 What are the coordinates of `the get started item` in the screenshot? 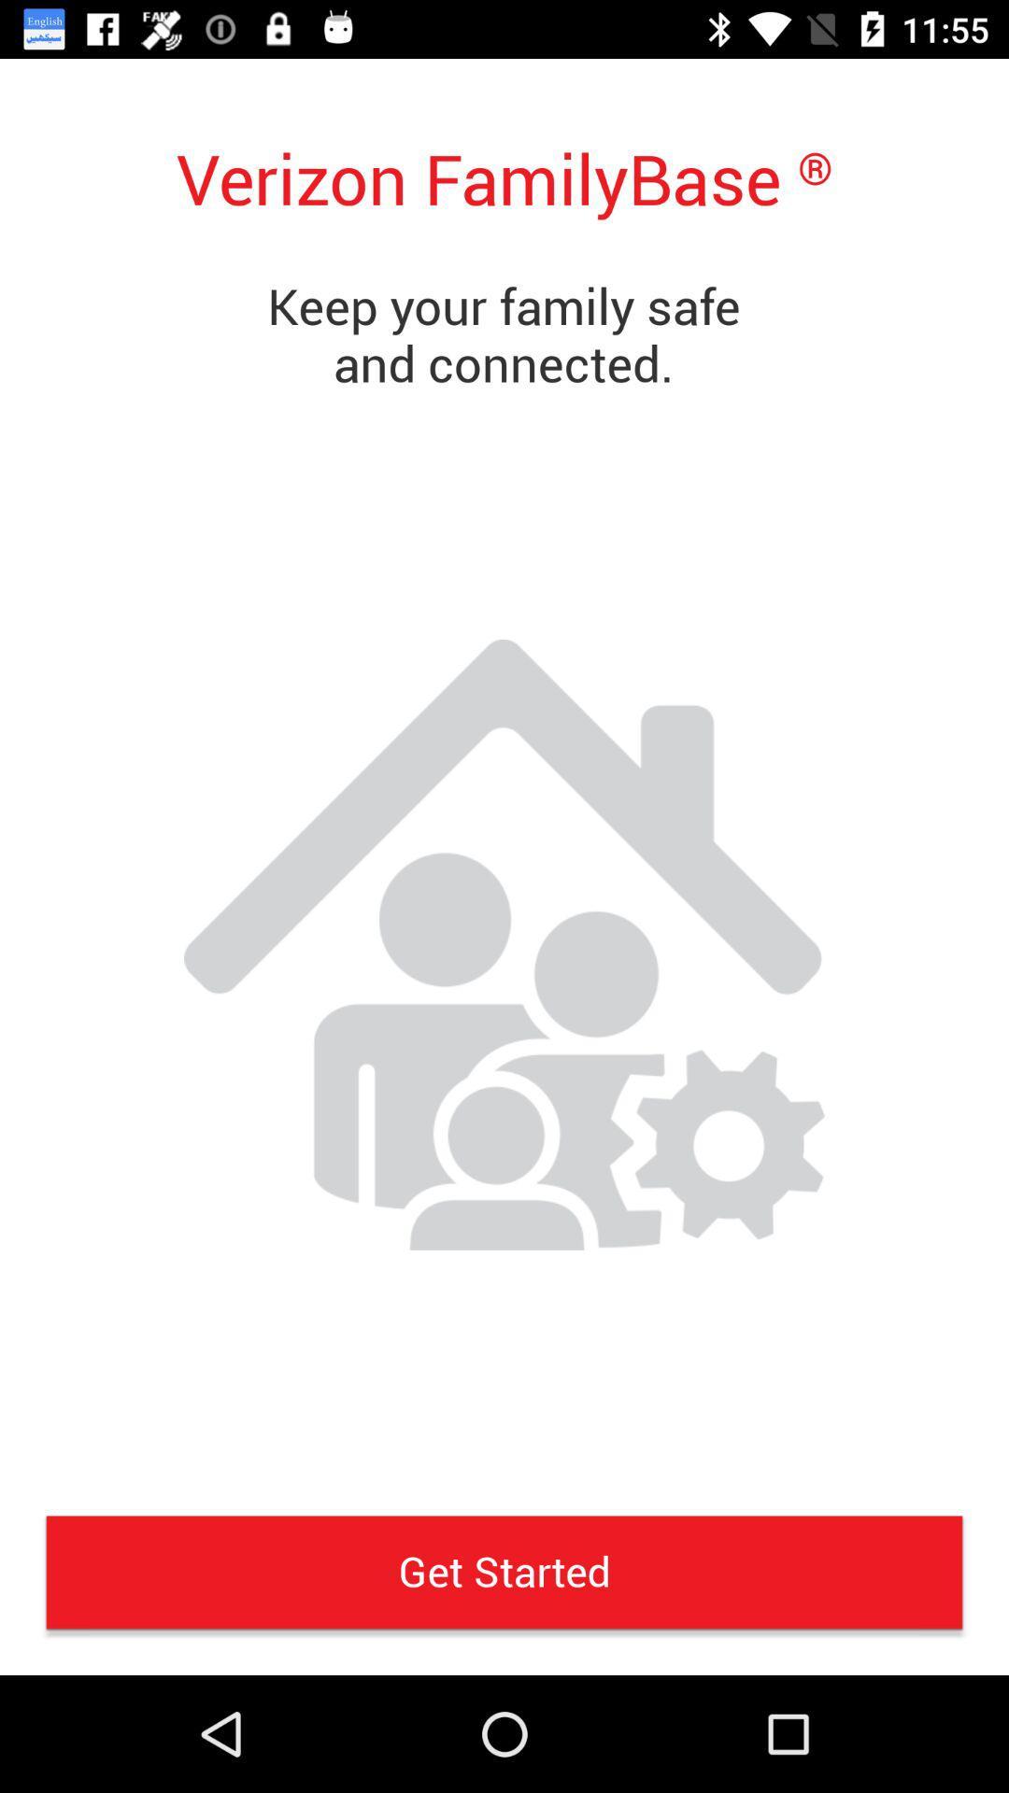 It's located at (504, 1571).